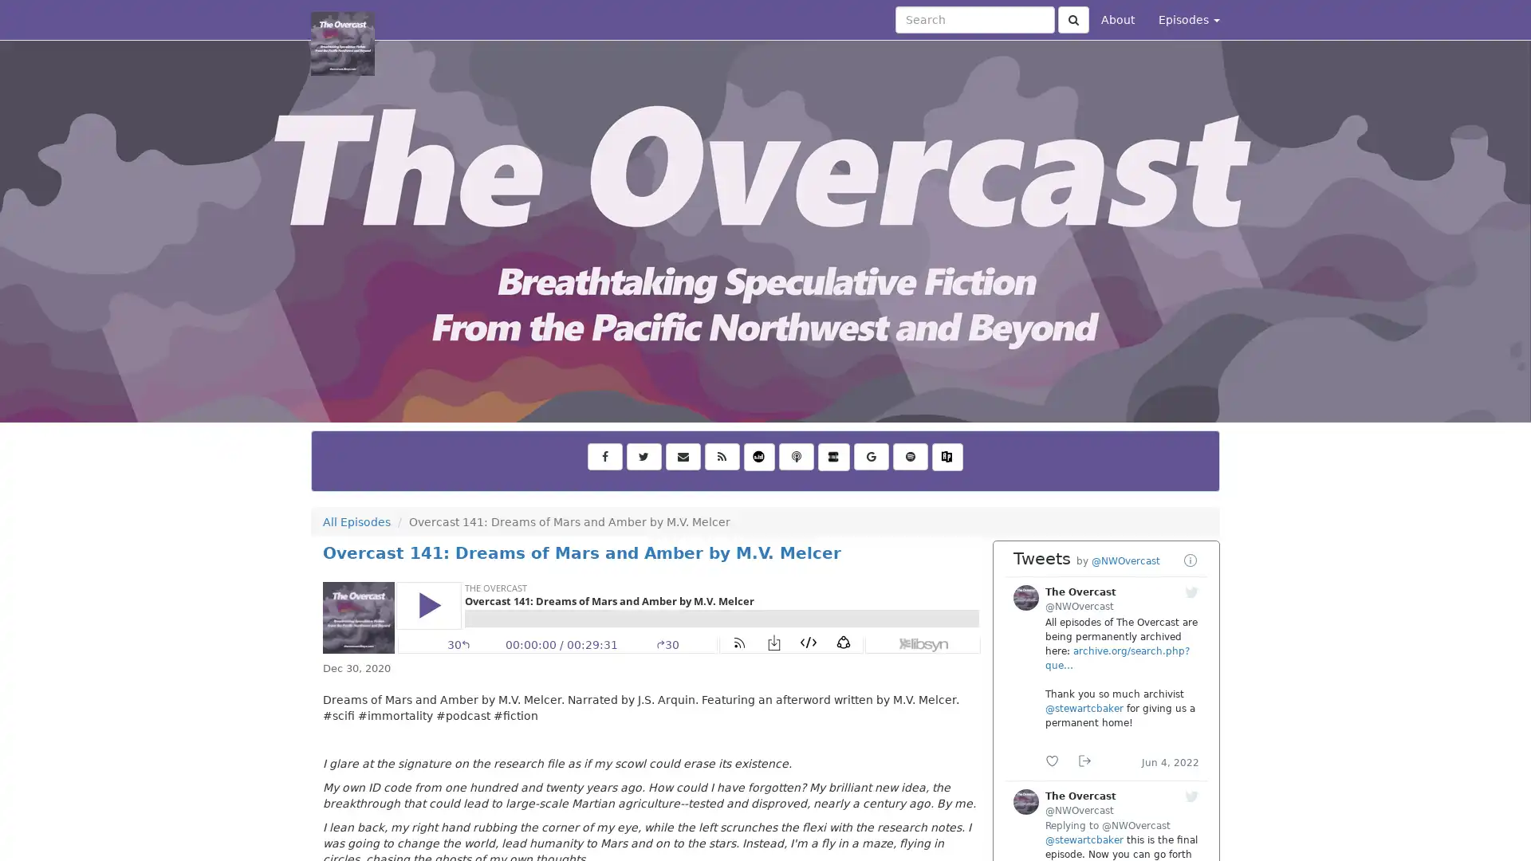  Describe the element at coordinates (1073, 19) in the screenshot. I see `Click to submit search` at that location.